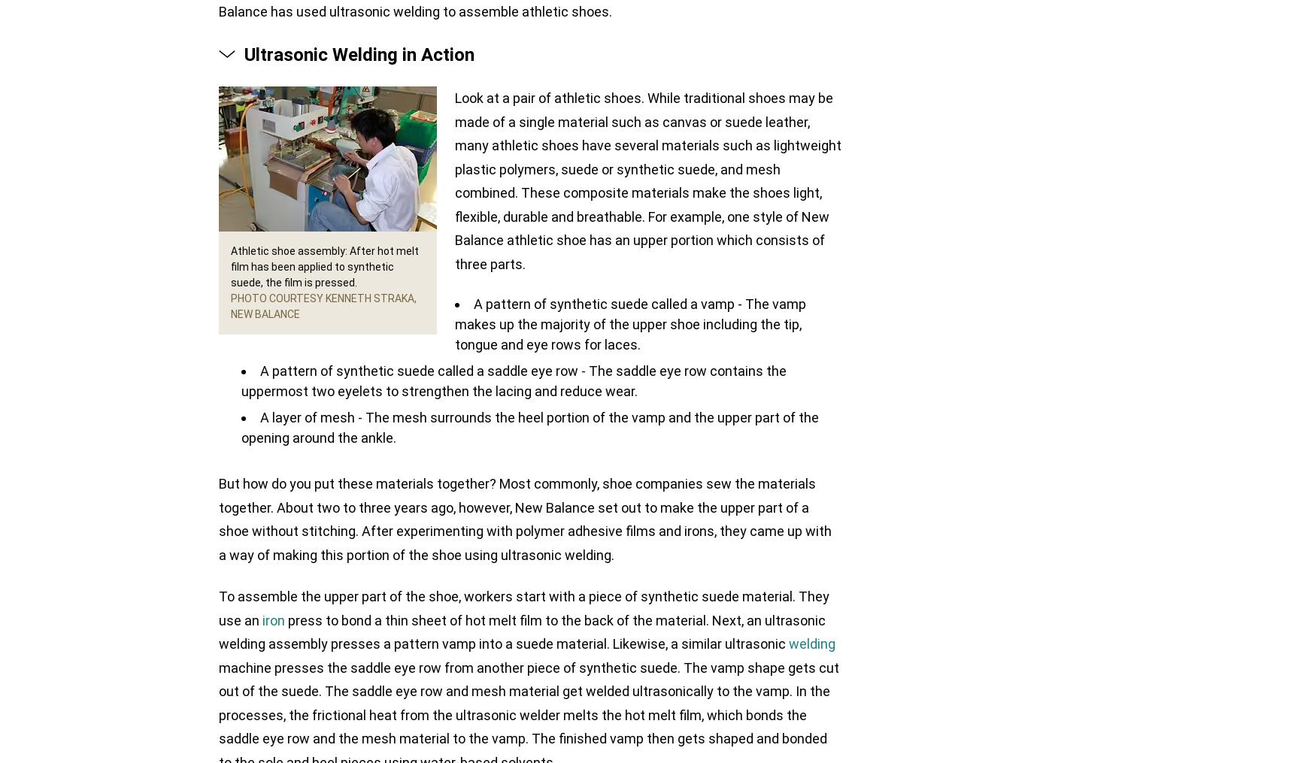  Describe the element at coordinates (323, 306) in the screenshot. I see `'Photo courtesy Kenneth Straka, New Balance'` at that location.